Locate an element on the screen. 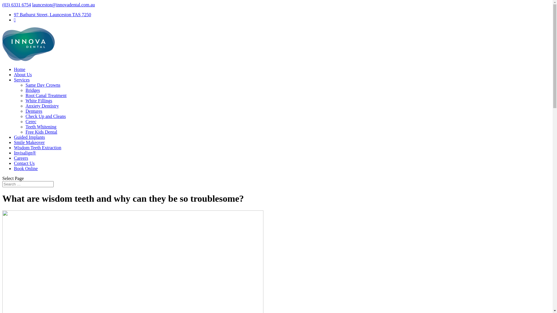 This screenshot has width=557, height=313. 'Check Up and Cleans' is located at coordinates (45, 116).